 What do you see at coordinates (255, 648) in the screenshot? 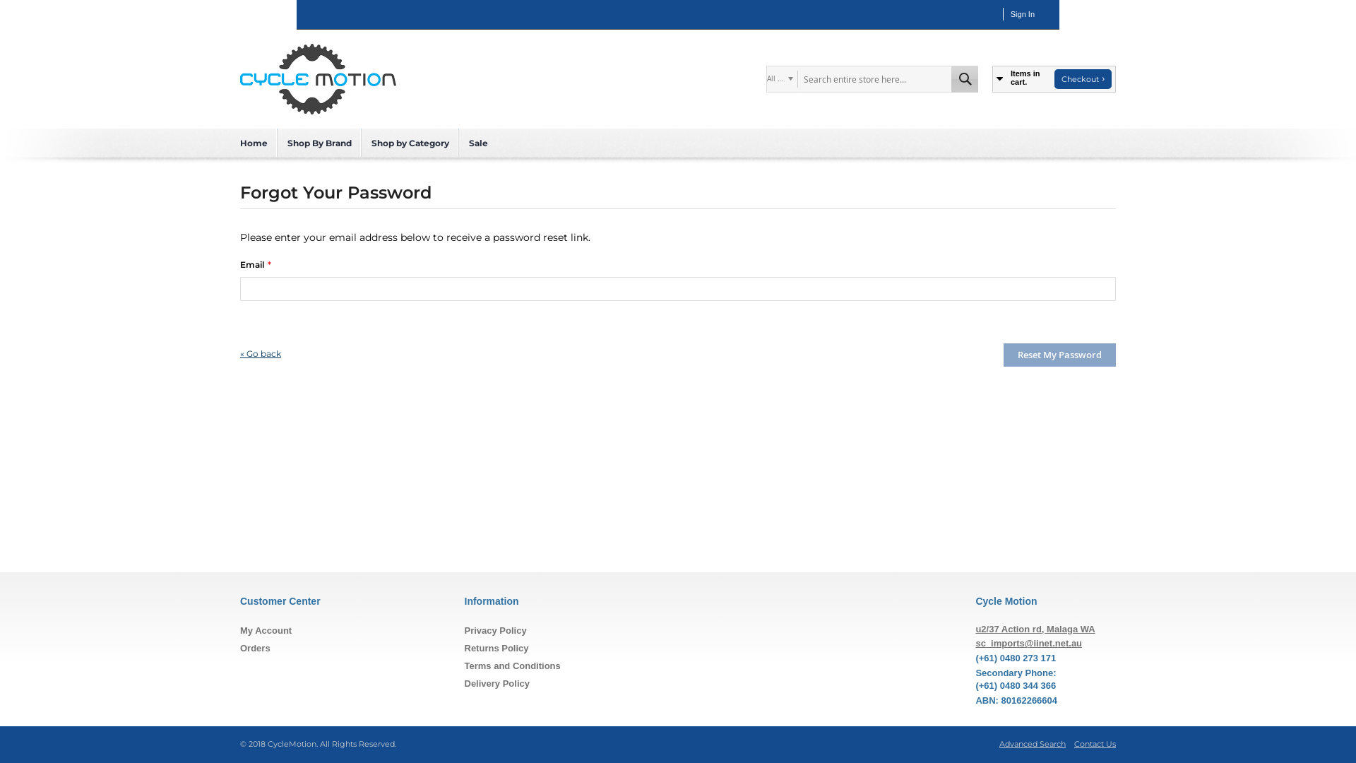
I see `'Orders'` at bounding box center [255, 648].